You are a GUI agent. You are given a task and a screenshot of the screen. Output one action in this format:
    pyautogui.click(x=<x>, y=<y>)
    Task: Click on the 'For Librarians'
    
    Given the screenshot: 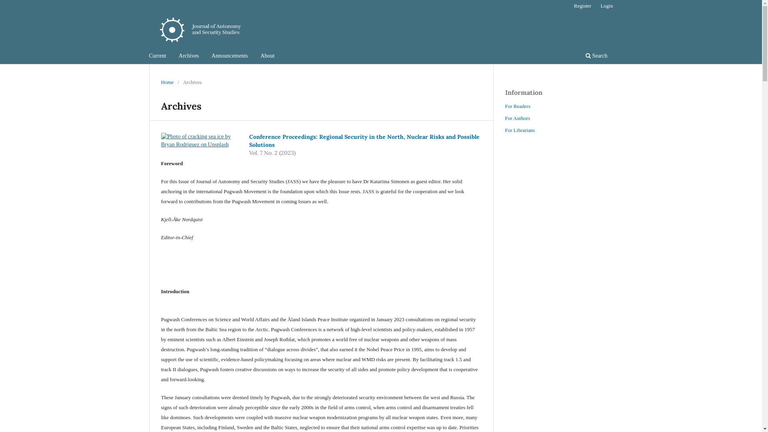 What is the action you would take?
    pyautogui.click(x=520, y=130)
    